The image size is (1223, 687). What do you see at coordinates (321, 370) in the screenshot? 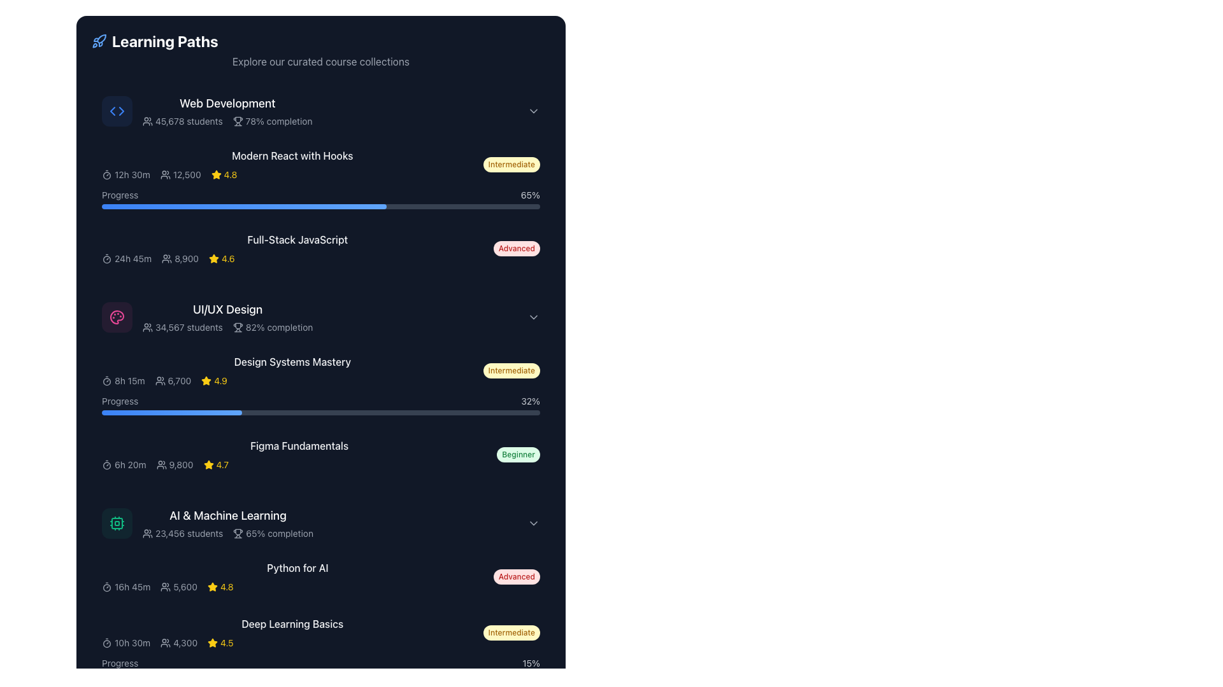
I see `the course summary information display card that is the third item in the vertically stacked list, located between 'UI/UX Design' and 'Figma Fundamentals'` at bounding box center [321, 370].